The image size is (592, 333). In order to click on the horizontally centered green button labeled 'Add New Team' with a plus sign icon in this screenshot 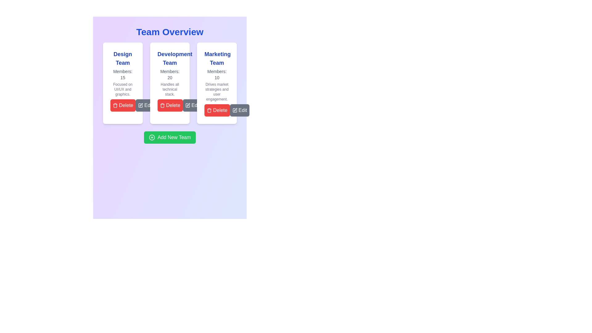, I will do `click(170, 137)`.